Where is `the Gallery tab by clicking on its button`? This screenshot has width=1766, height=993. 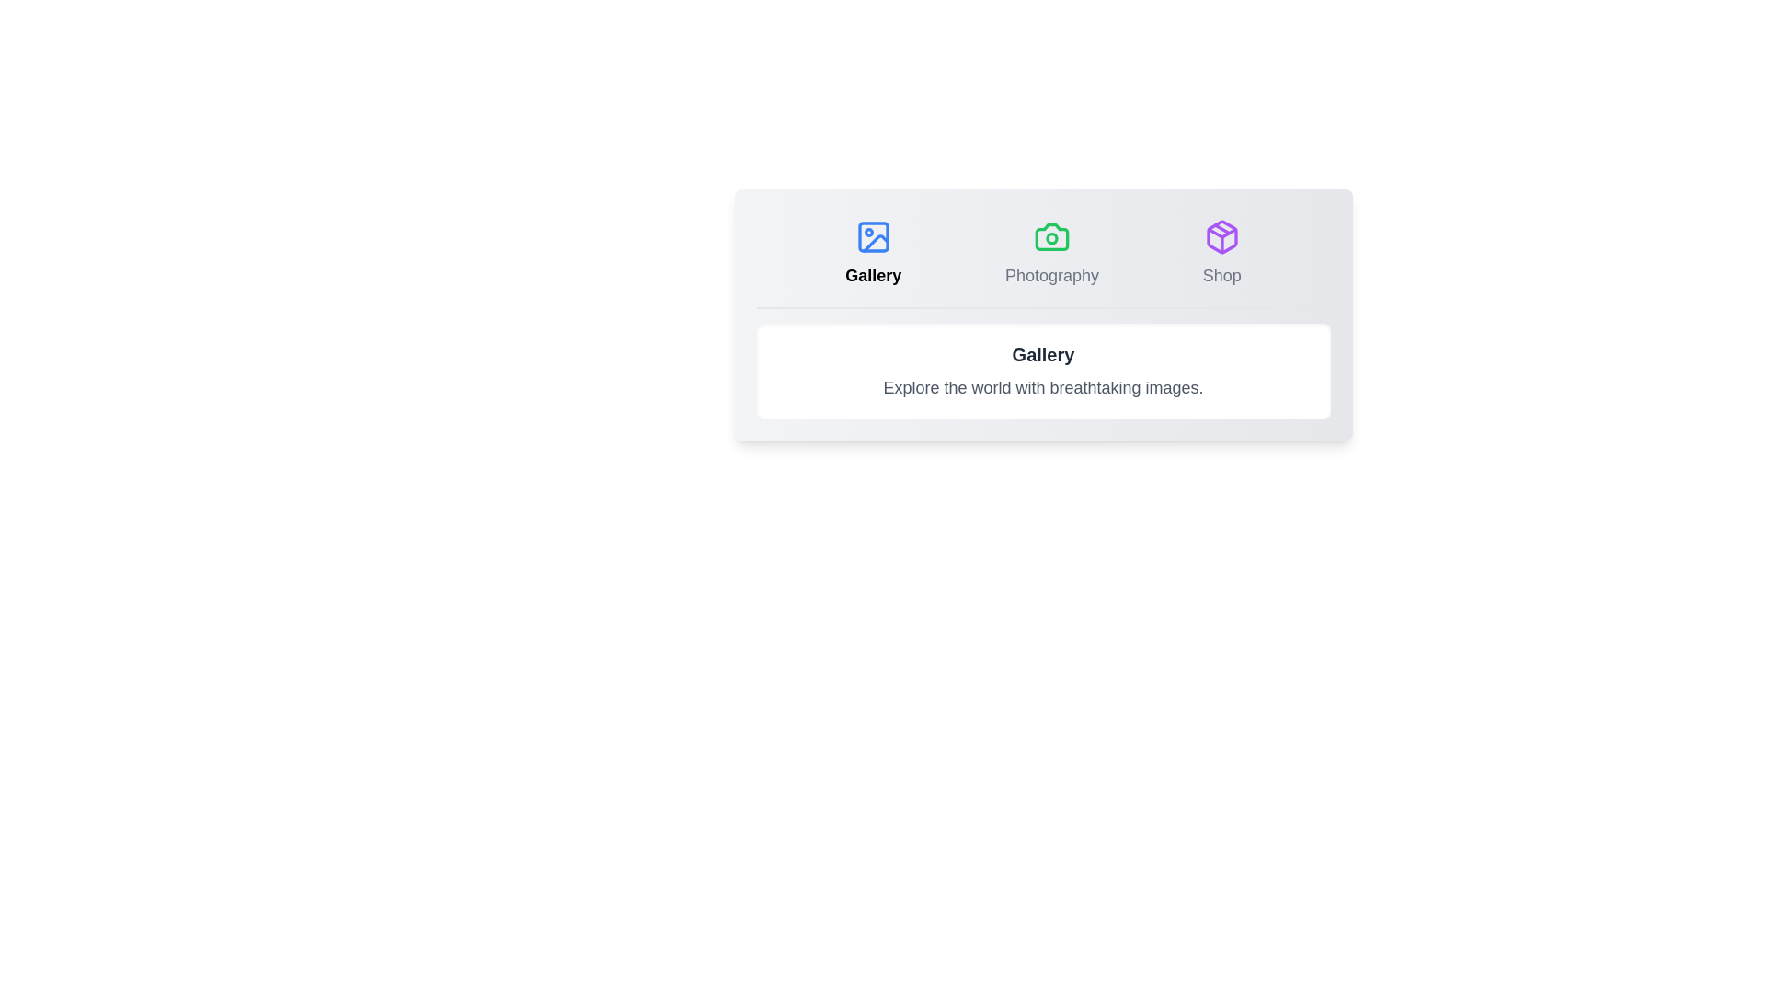
the Gallery tab by clicking on its button is located at coordinates (872, 254).